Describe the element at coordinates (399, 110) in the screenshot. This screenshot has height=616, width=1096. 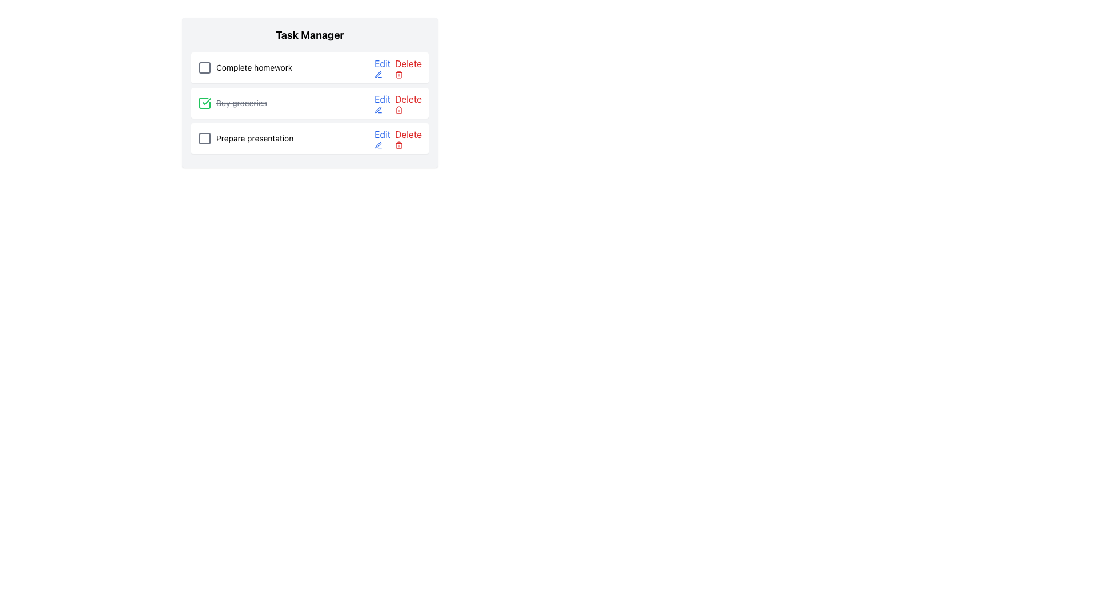
I see `the delete icon located in the second row next to the text 'Delete' for the task 'Buy groceries'` at that location.